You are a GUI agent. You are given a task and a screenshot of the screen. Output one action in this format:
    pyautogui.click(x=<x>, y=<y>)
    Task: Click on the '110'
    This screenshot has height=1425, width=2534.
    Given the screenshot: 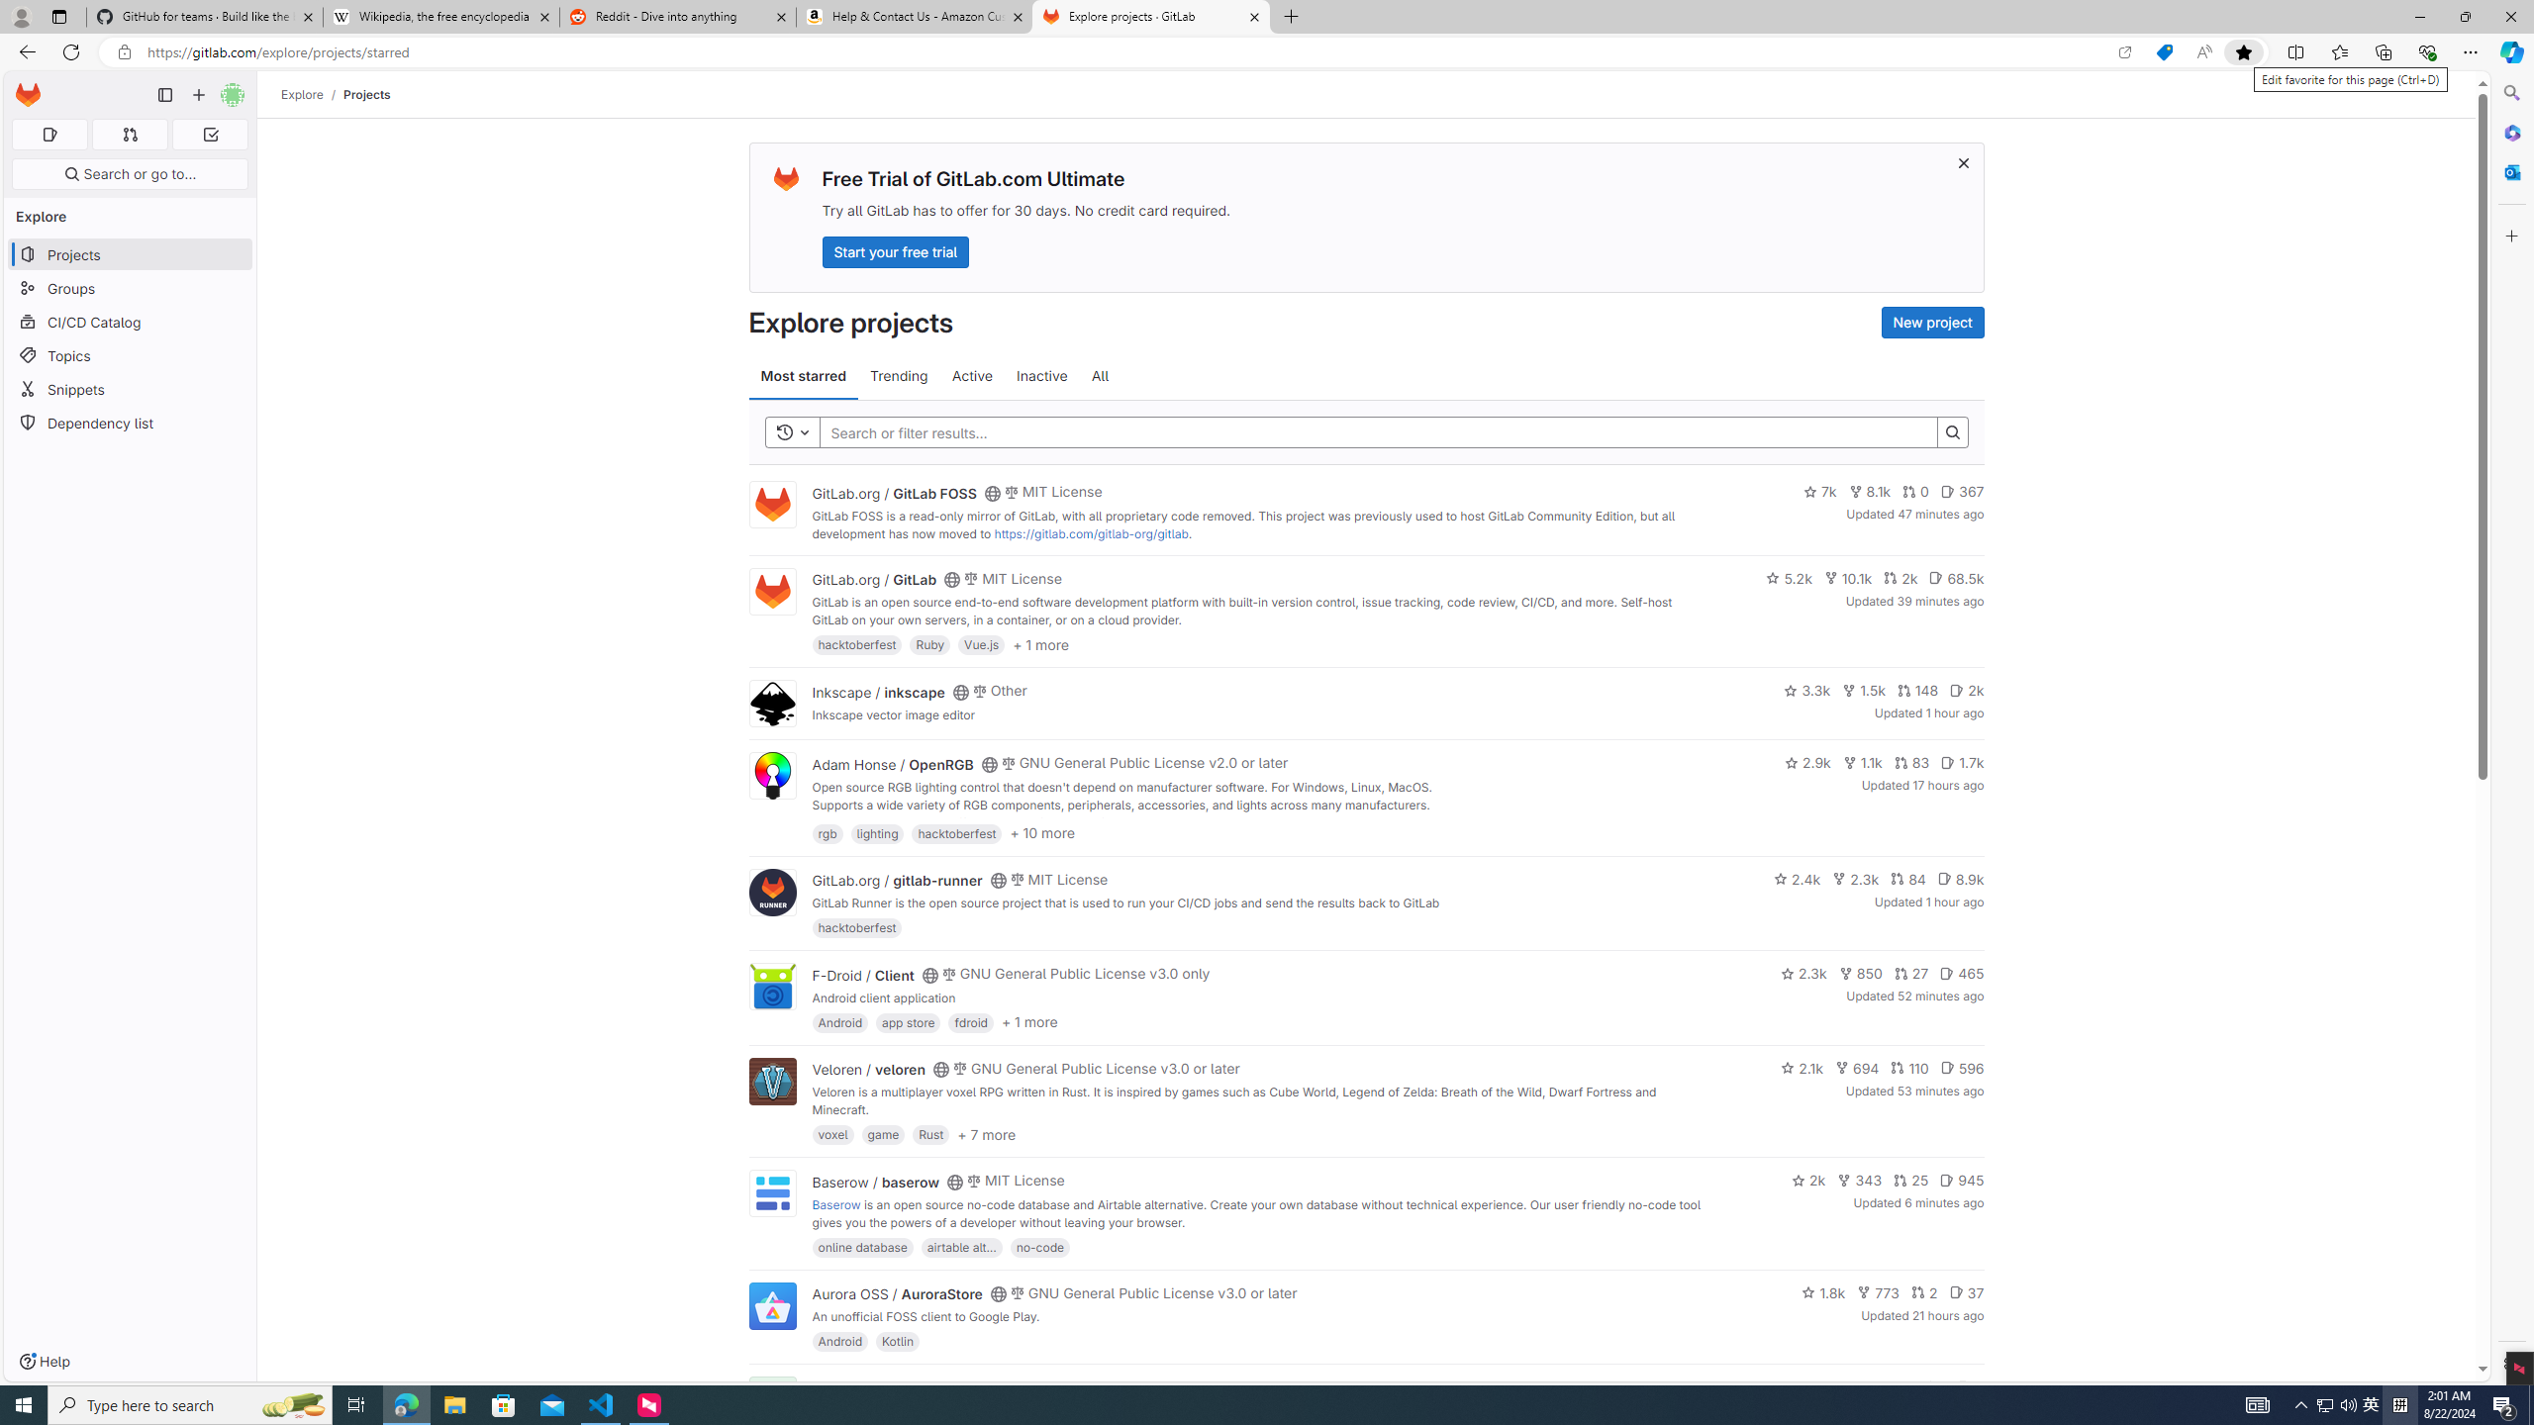 What is the action you would take?
    pyautogui.click(x=1908, y=1068)
    